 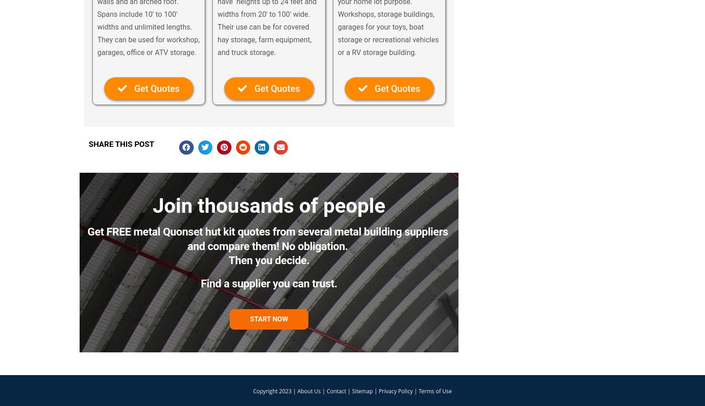 What do you see at coordinates (88, 144) in the screenshot?
I see `'Share this post'` at bounding box center [88, 144].